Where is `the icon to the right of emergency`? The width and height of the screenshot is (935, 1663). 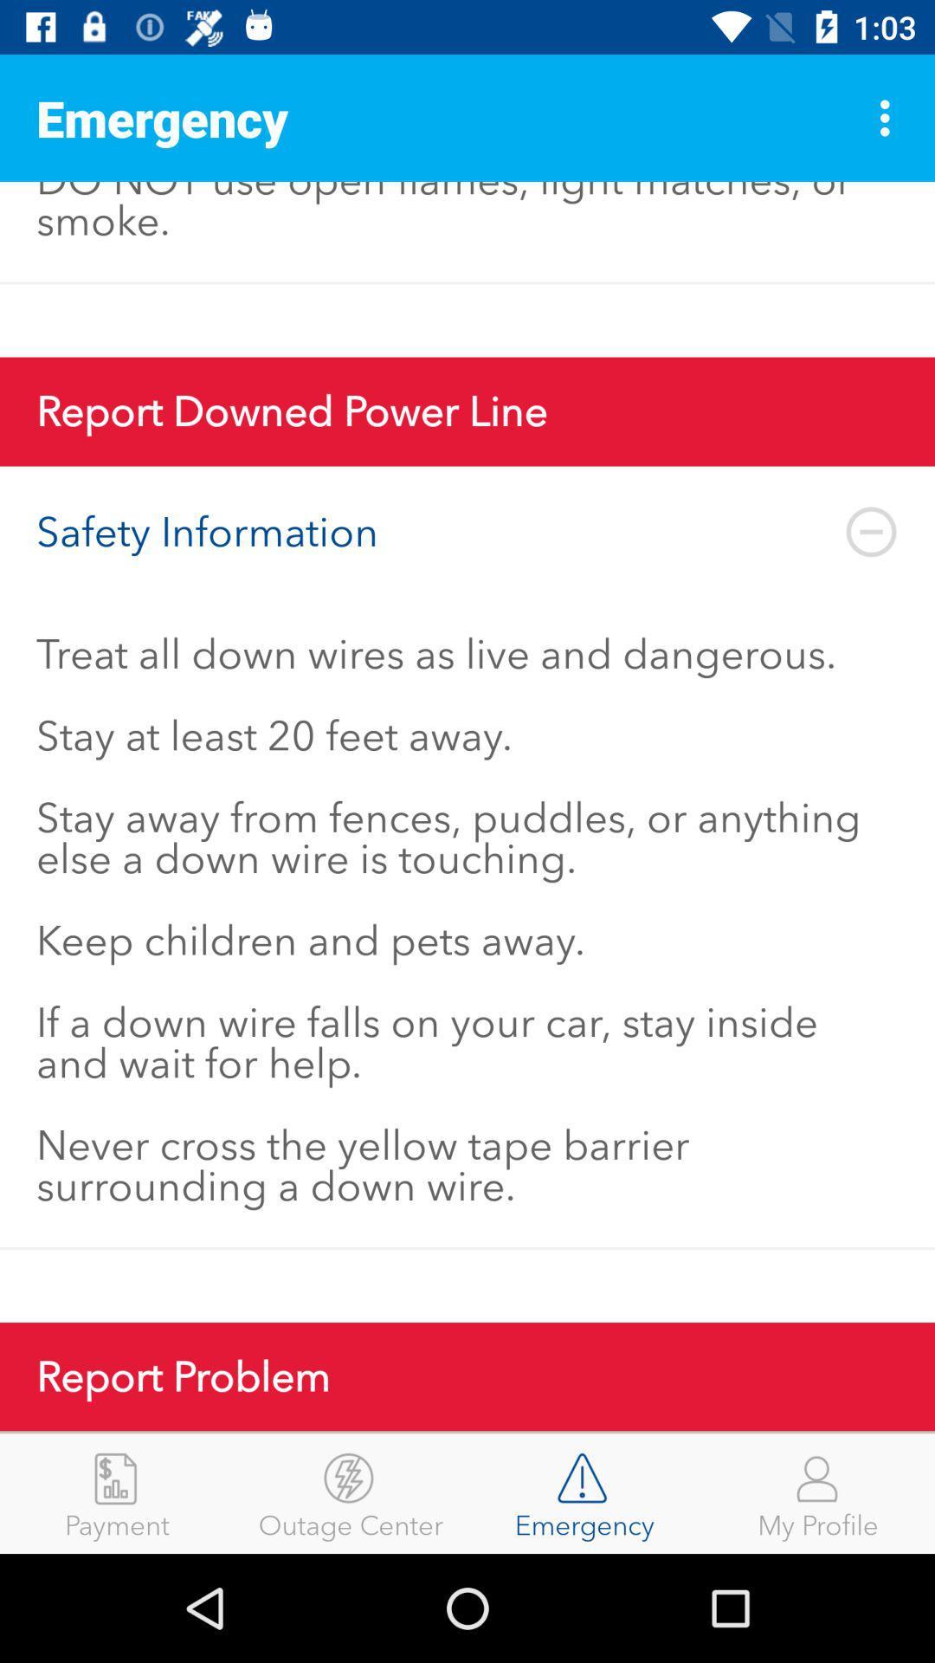
the icon to the right of emergency is located at coordinates (889, 117).